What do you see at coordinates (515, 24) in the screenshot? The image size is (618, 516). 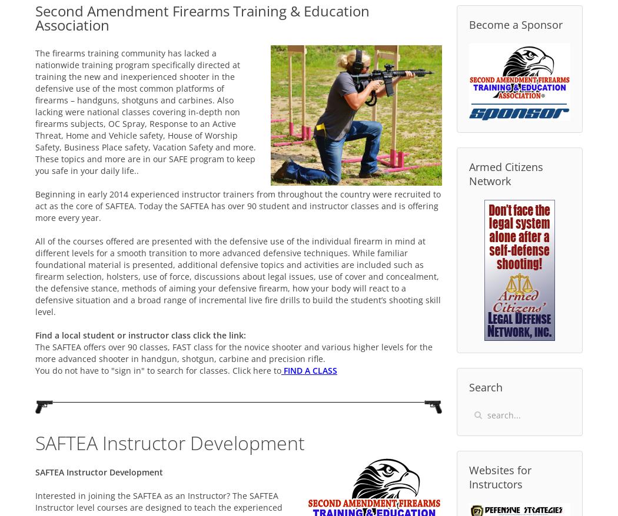 I see `'Become a Sponsor'` at bounding box center [515, 24].